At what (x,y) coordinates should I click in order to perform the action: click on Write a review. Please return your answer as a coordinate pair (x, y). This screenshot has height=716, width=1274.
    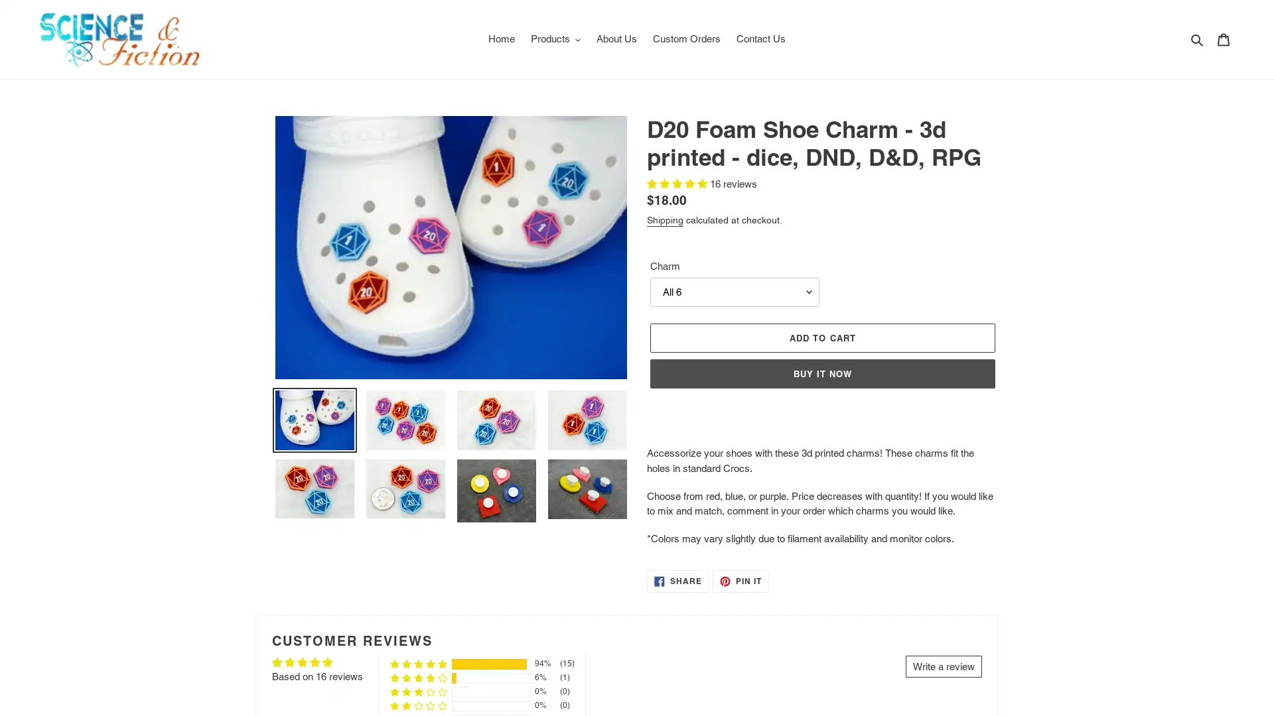
    Looking at the image, I should click on (943, 666).